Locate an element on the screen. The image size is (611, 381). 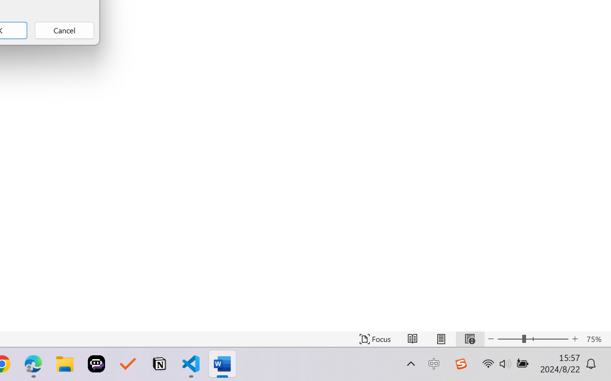
'Zoom In' is located at coordinates (575, 339).